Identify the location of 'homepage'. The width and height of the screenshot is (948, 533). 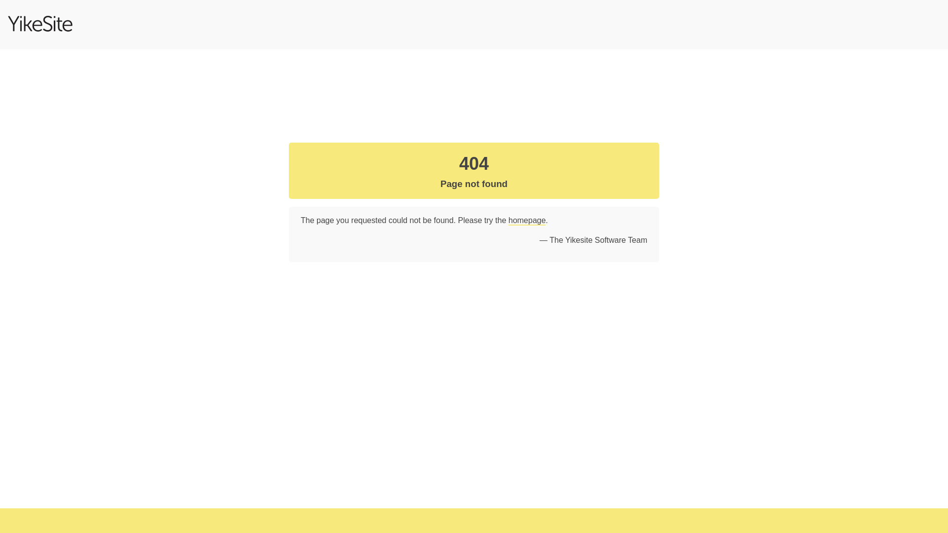
(527, 220).